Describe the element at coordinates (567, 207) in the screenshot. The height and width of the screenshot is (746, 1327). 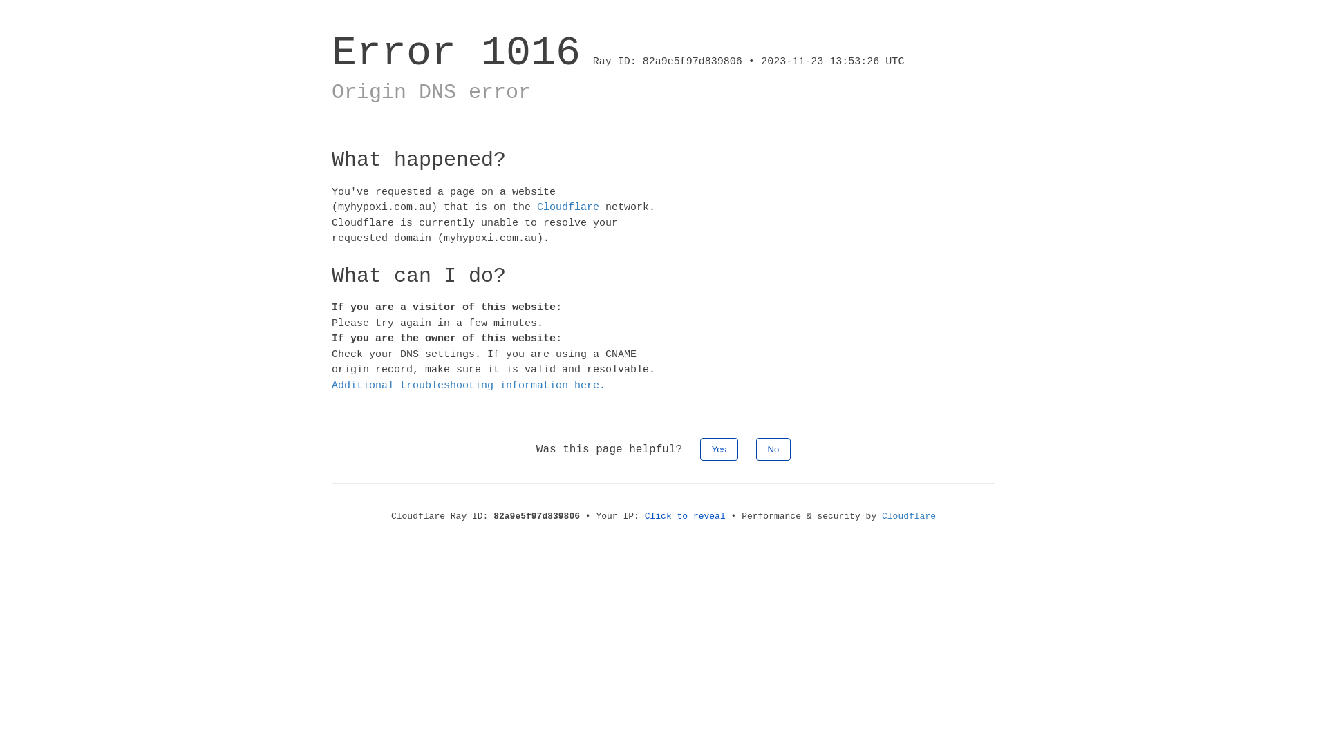
I see `'Cloudflare'` at that location.